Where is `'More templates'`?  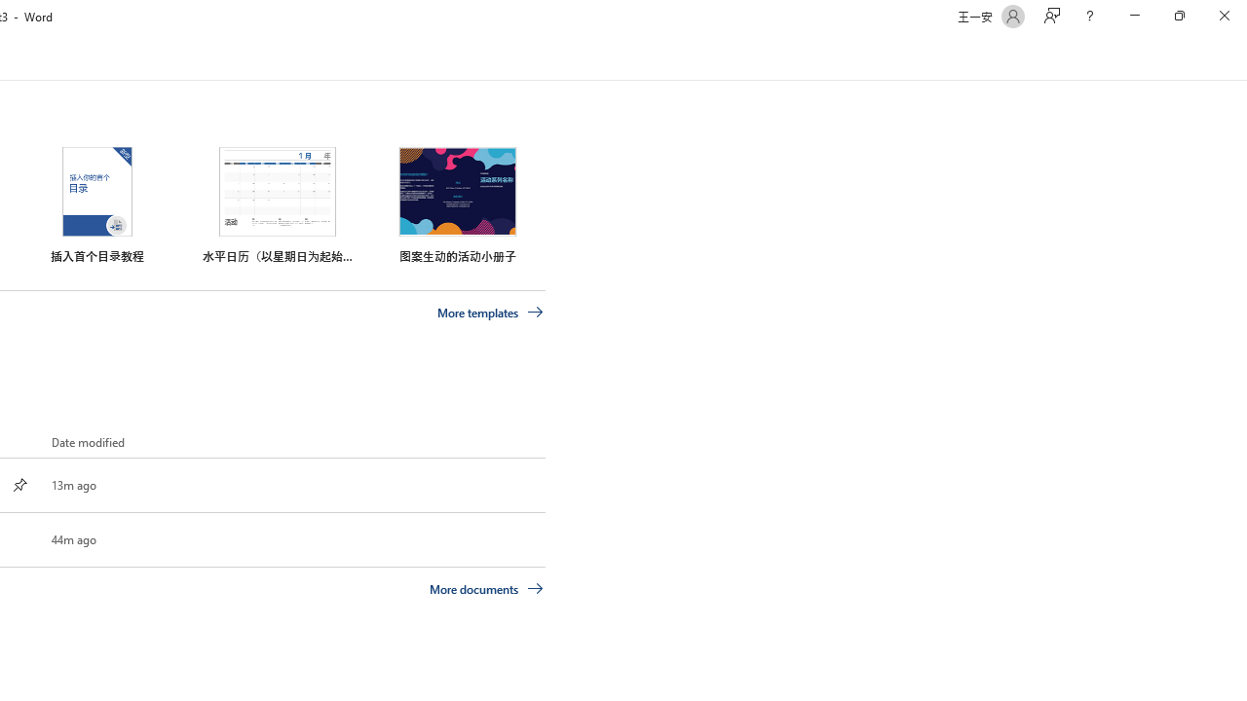
'More templates' is located at coordinates (490, 312).